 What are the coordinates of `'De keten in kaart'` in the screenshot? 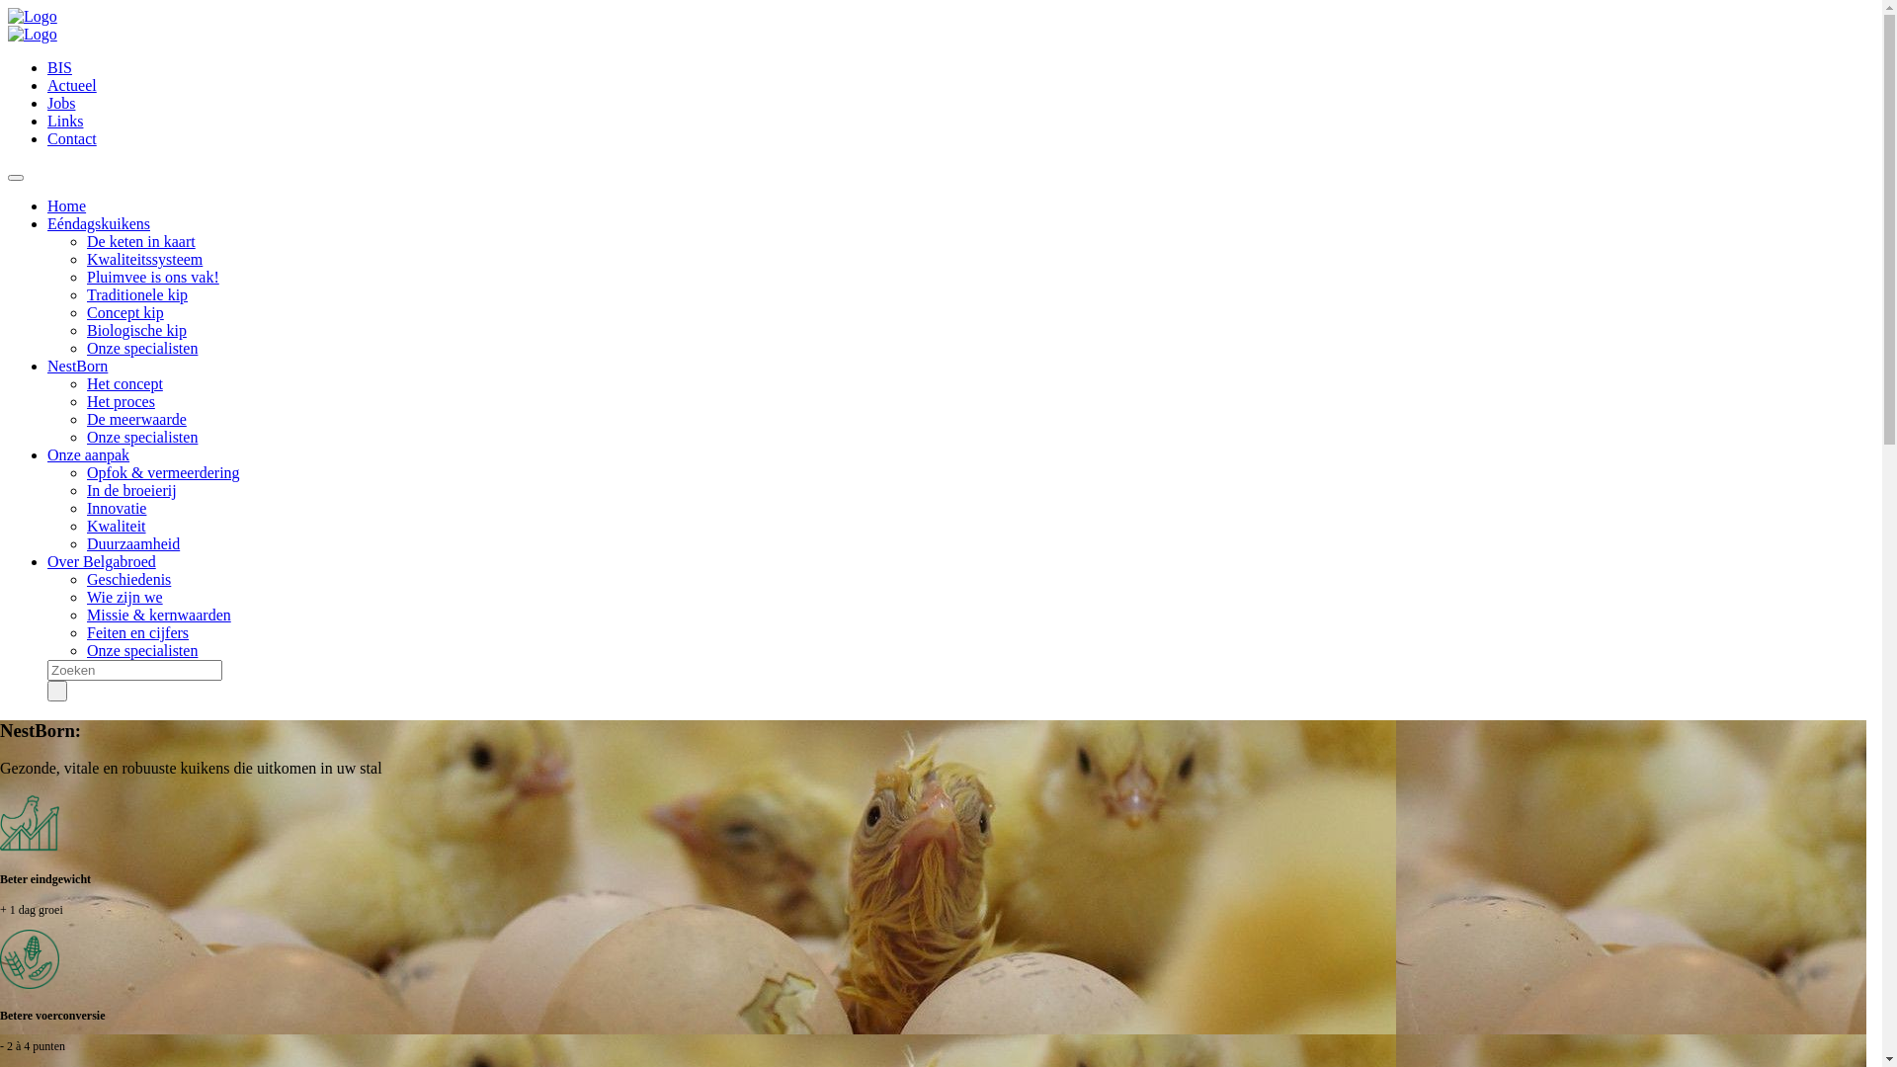 It's located at (140, 240).